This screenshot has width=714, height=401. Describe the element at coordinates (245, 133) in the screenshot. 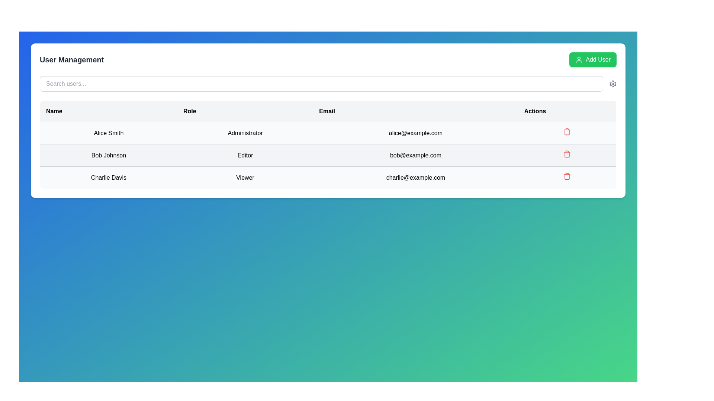

I see `the 'Administrator' text label in the user management table, which is located in the second column of the first row between 'Alice Smith' and 'alice@example.com'` at that location.